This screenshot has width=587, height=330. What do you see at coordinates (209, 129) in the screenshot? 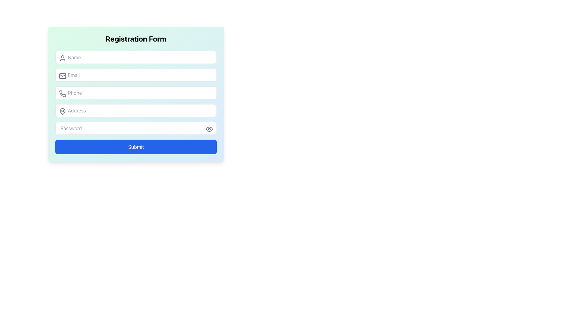
I see `the visibility toggle button for the password input field in the registration form` at bounding box center [209, 129].